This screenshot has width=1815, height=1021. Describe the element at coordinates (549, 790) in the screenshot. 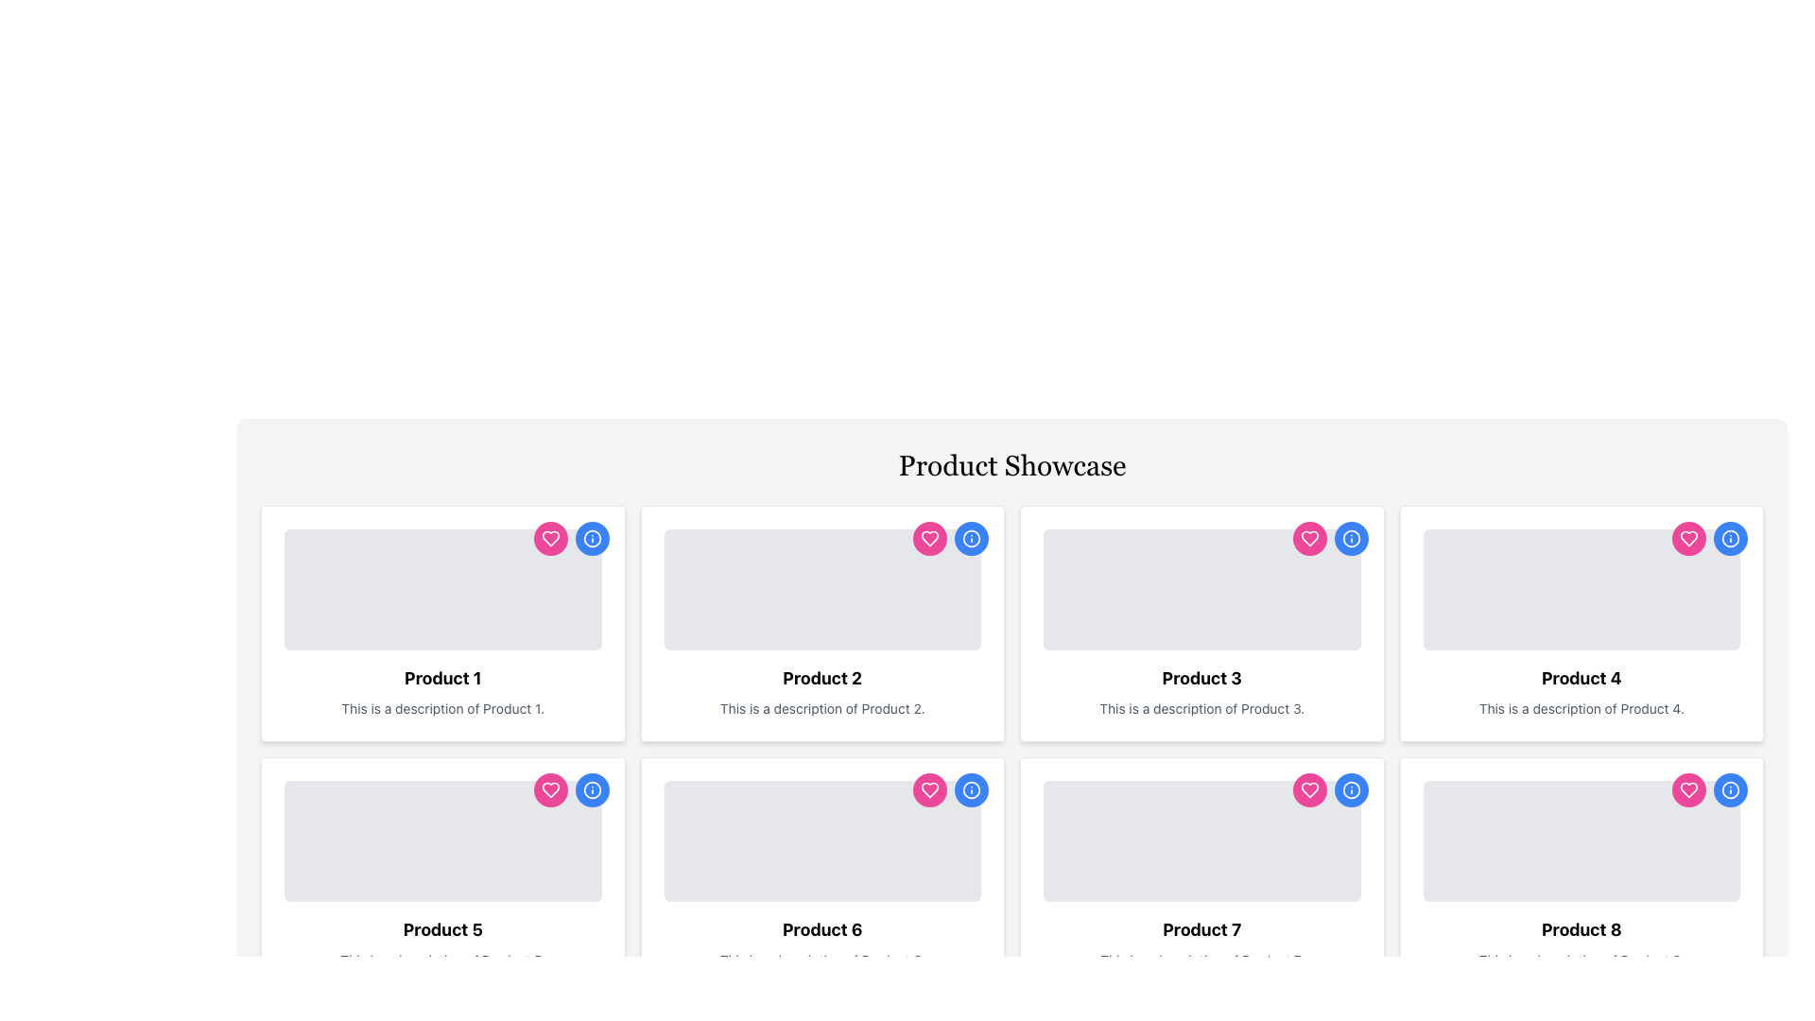

I see `the pink circular button with a white heart icon located in the top-right corner of the 'Product 5' card to express interest` at that location.